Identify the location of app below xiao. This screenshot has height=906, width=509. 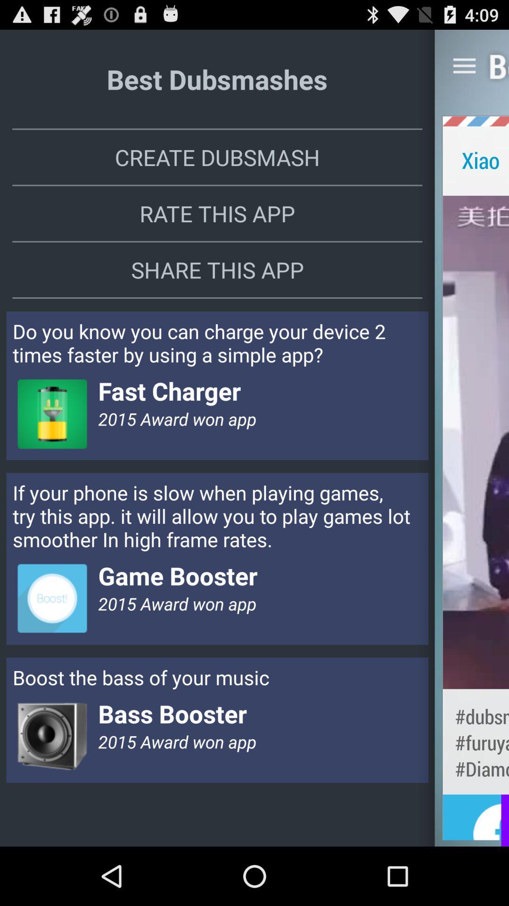
(476, 442).